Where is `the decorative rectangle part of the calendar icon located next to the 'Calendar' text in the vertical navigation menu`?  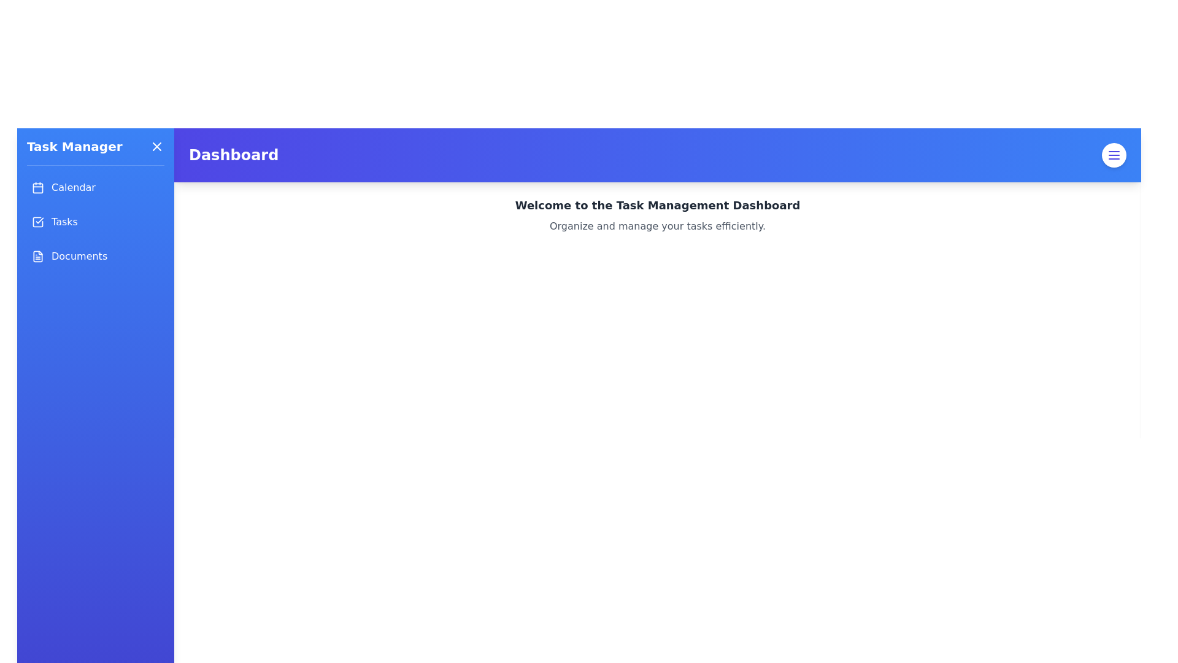
the decorative rectangle part of the calendar icon located next to the 'Calendar' text in the vertical navigation menu is located at coordinates (38, 187).